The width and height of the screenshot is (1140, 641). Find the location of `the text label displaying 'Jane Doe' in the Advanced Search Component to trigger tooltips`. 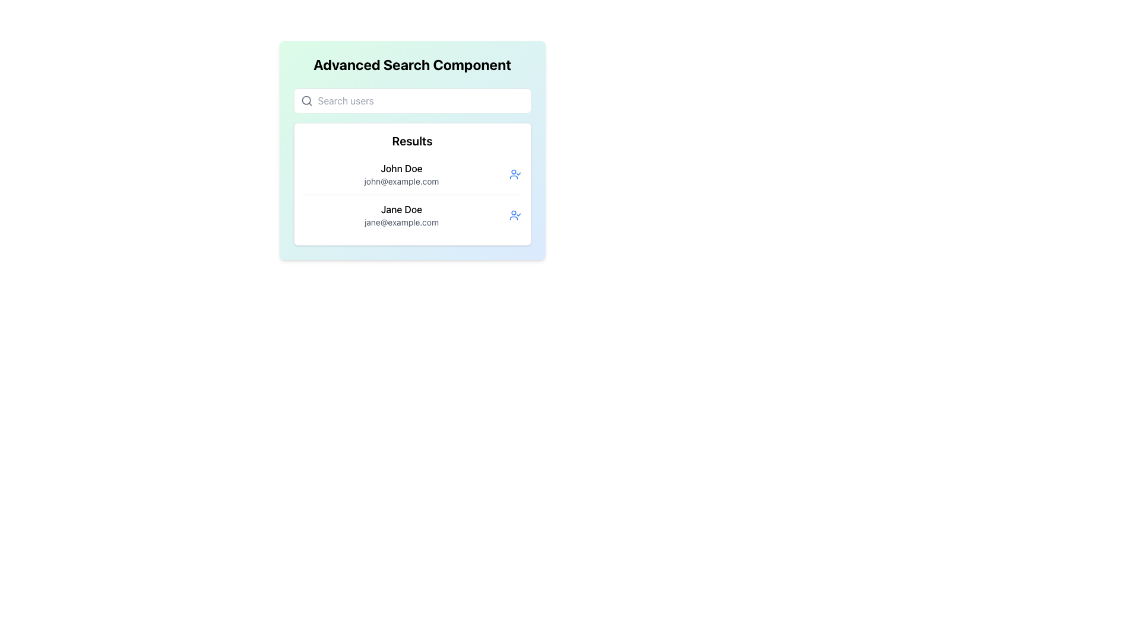

the text label displaying 'Jane Doe' in the Advanced Search Component to trigger tooltips is located at coordinates (401, 209).